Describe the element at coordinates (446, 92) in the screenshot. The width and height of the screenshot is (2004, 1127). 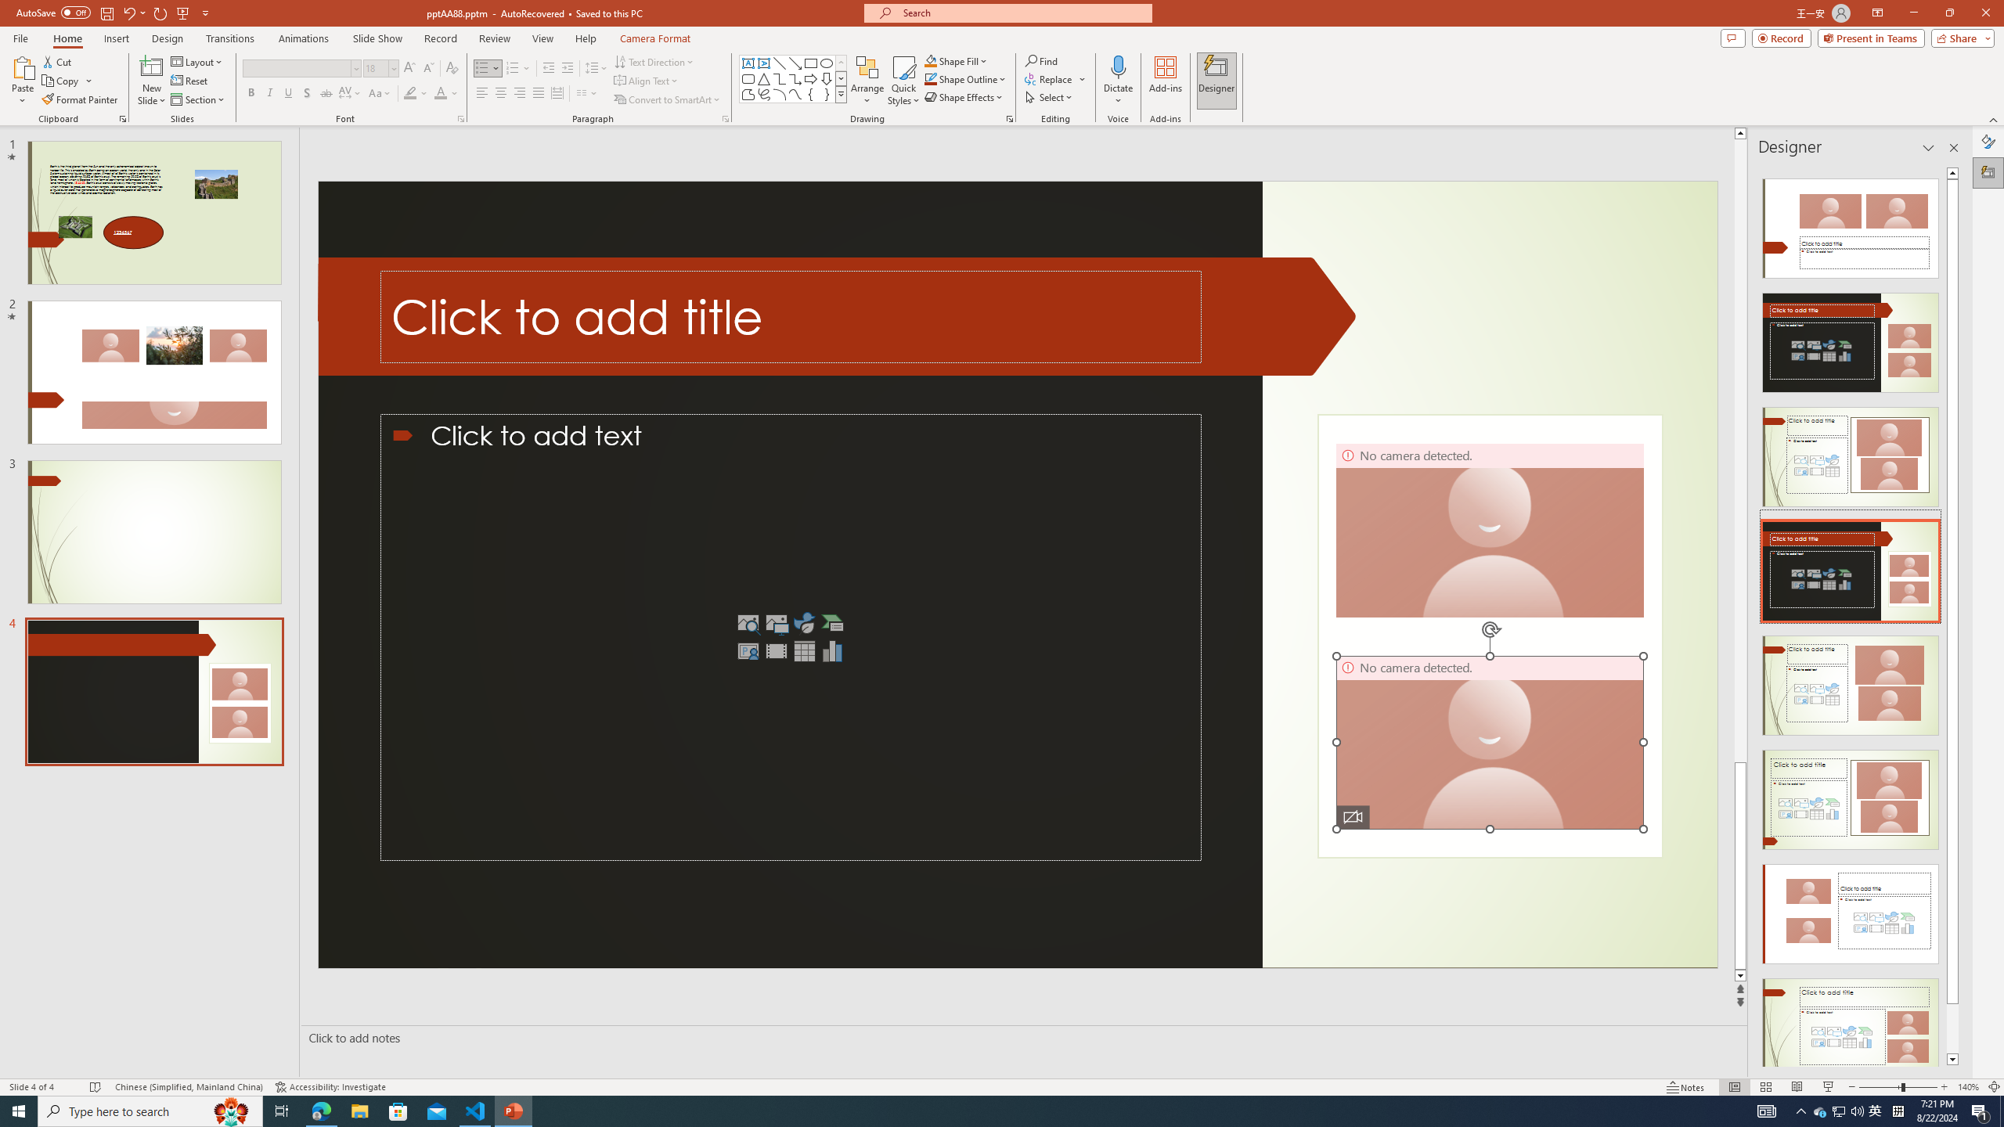
I see `'Font Color'` at that location.